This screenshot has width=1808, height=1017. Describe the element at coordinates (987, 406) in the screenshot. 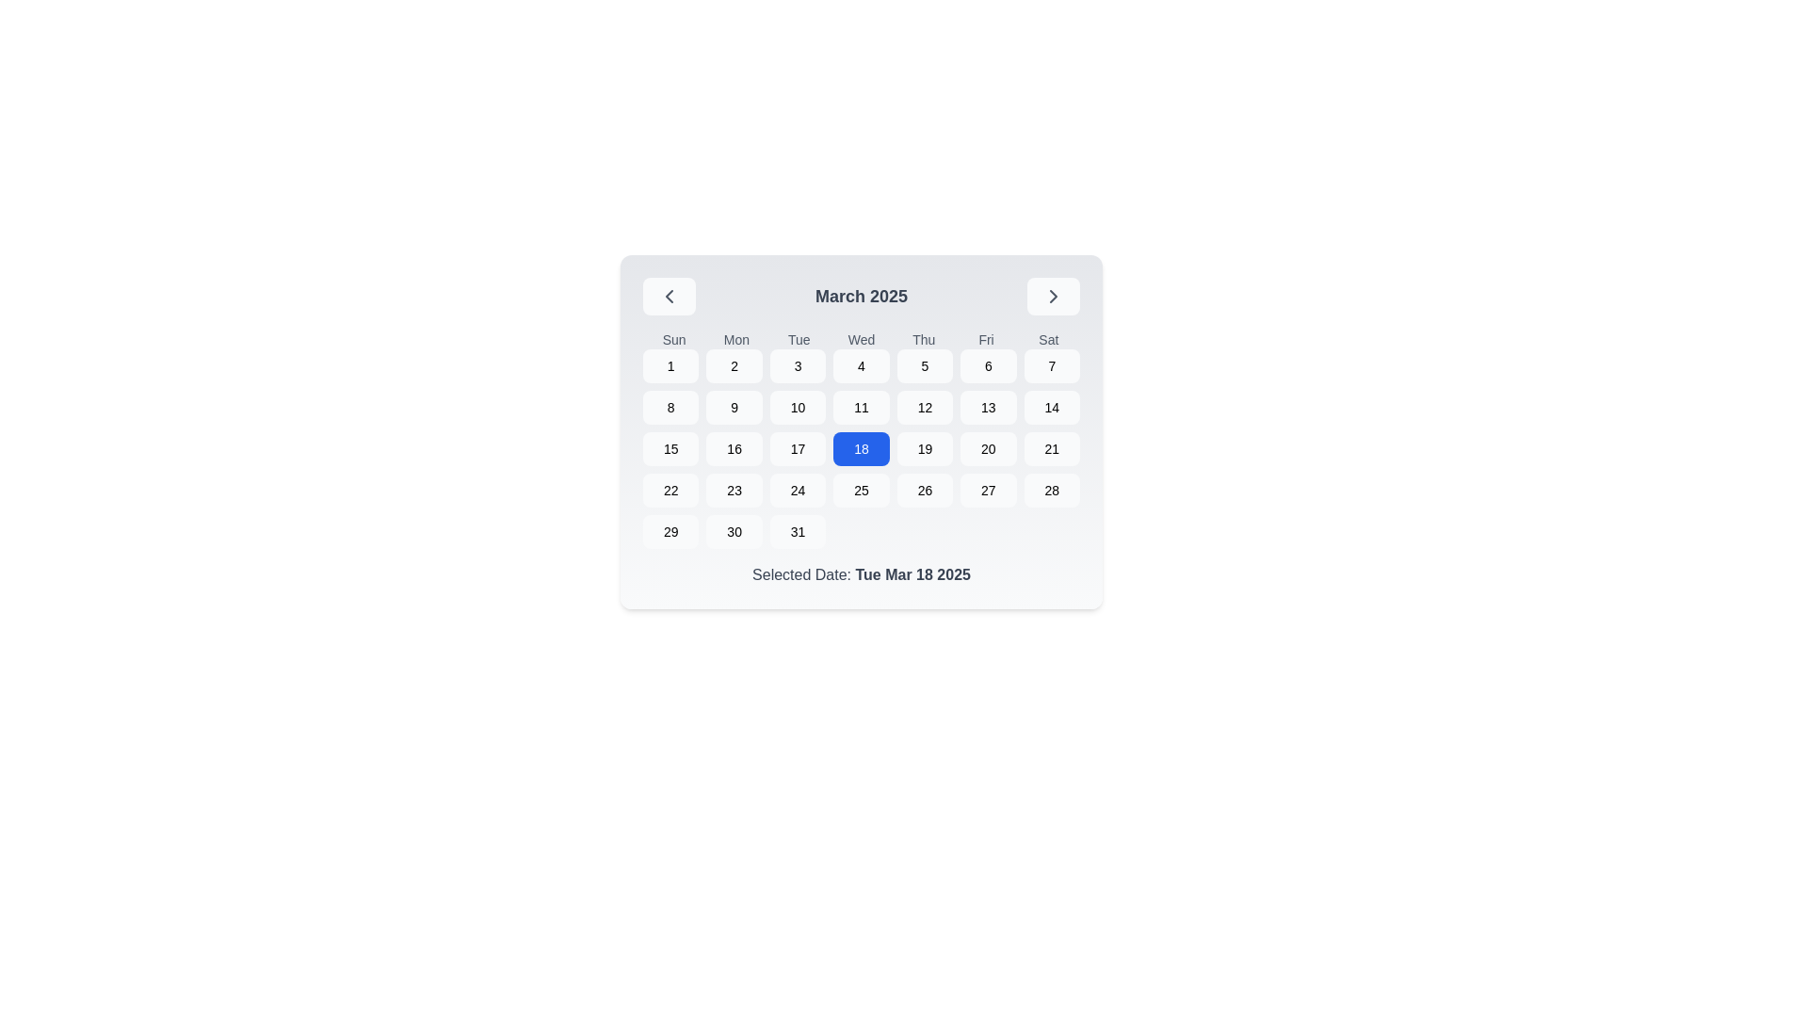

I see `the button representing the 13th day of the month in the calendar` at that location.